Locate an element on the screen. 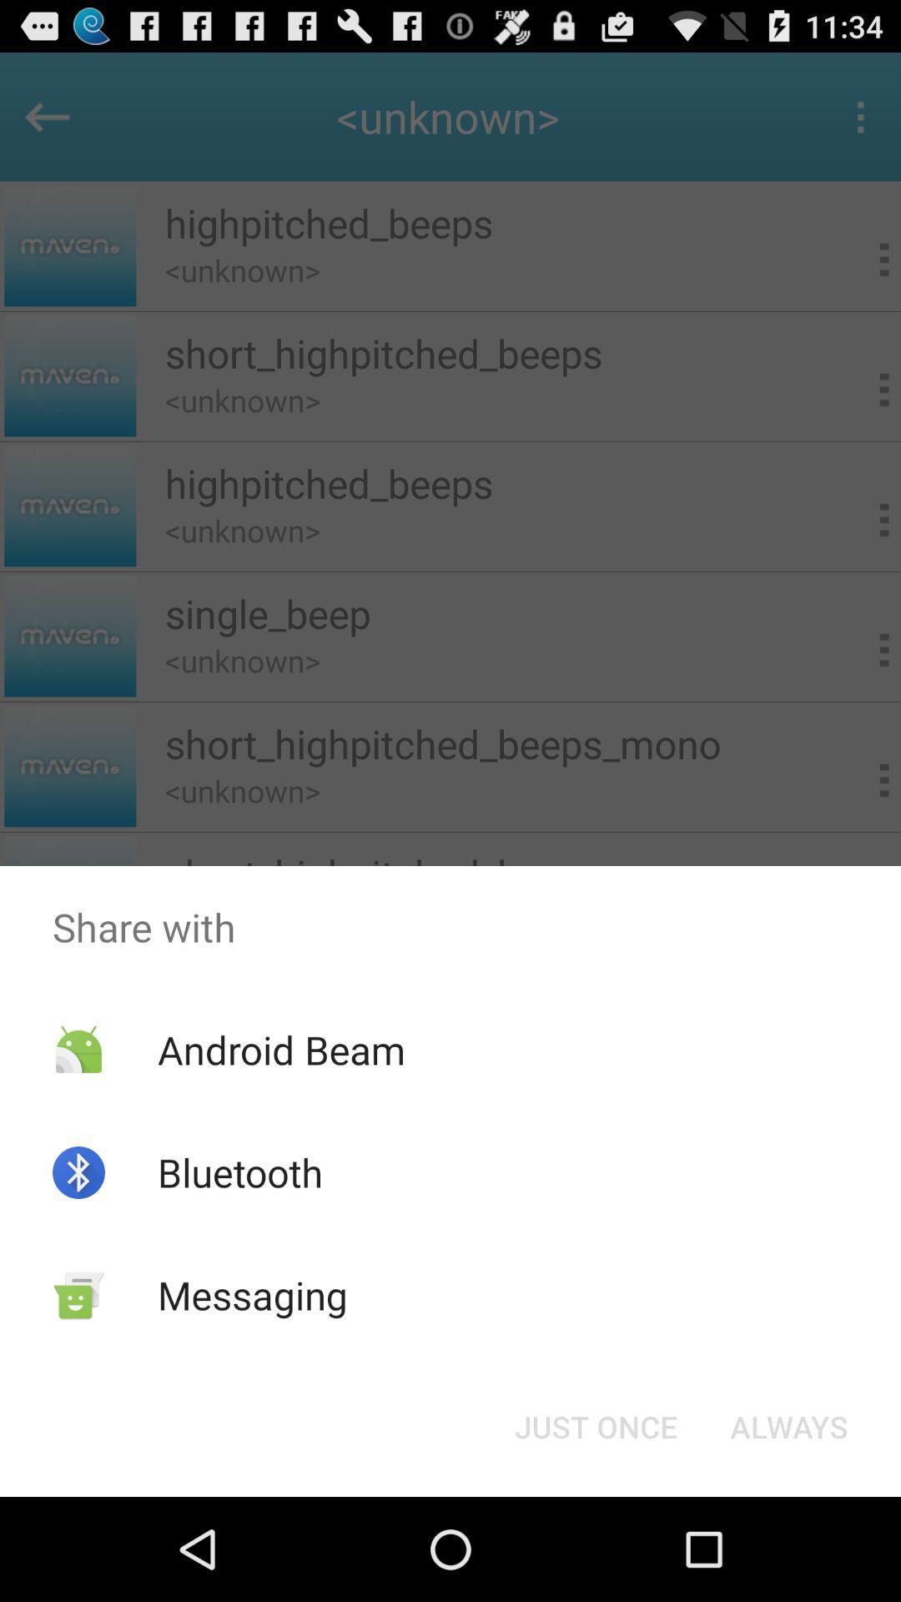 This screenshot has height=1602, width=901. the item at the bottom is located at coordinates (595, 1425).